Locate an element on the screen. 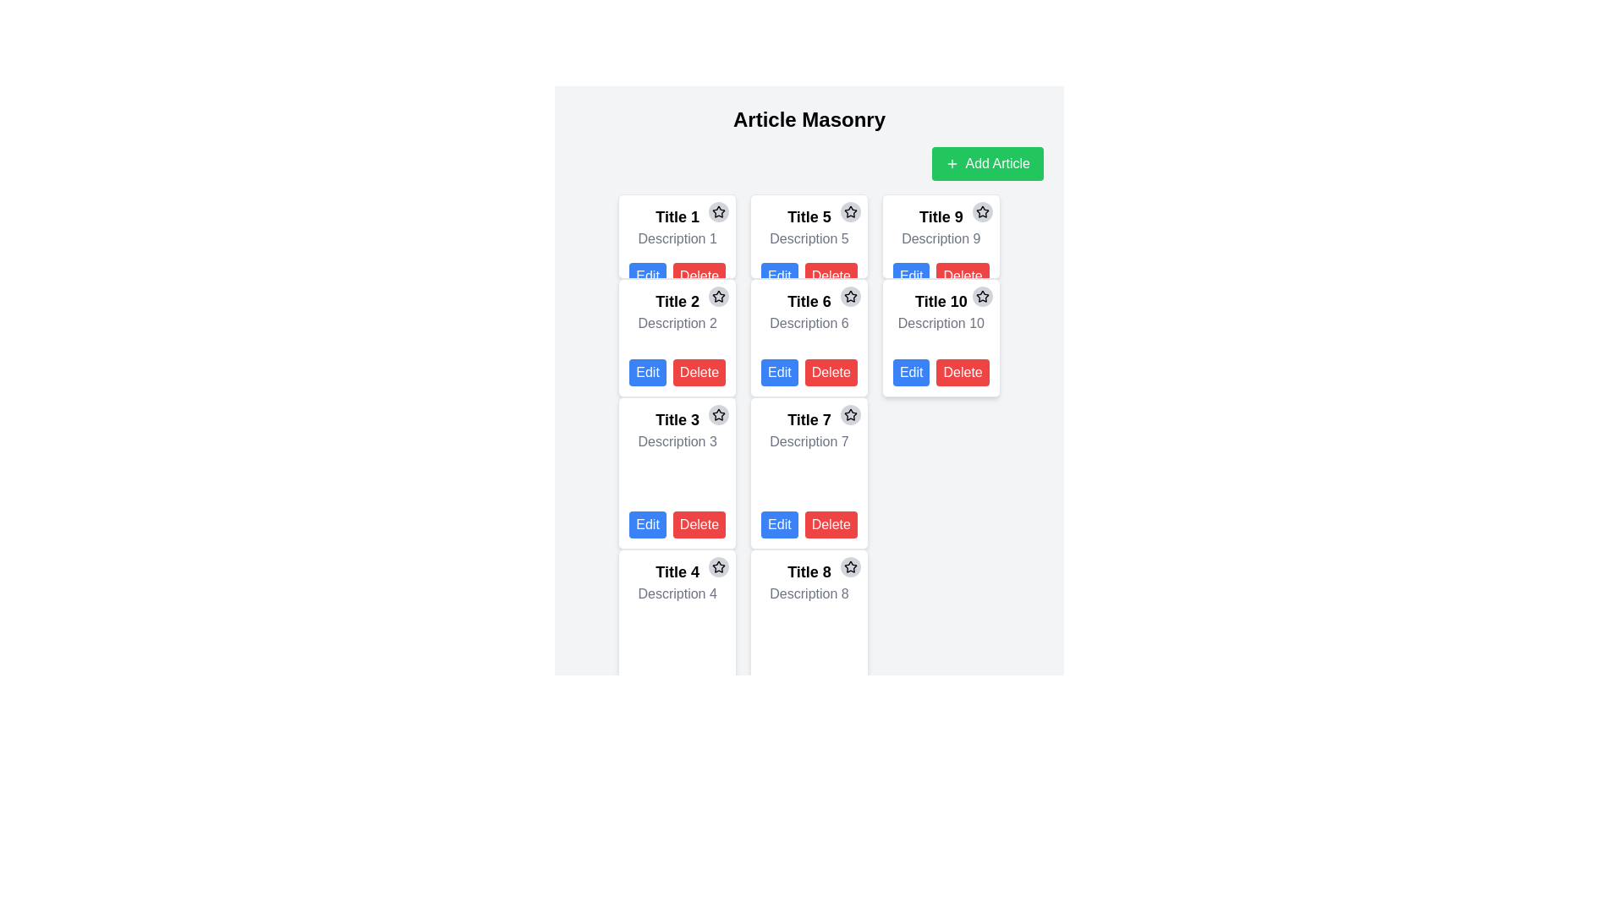 The image size is (1624, 913). the 'Delete' button located at the bottom-right corner of the Card element with a white background and rounded border, which contains the title 'Title 10' and subtitle 'Description 10' is located at coordinates (940, 338).